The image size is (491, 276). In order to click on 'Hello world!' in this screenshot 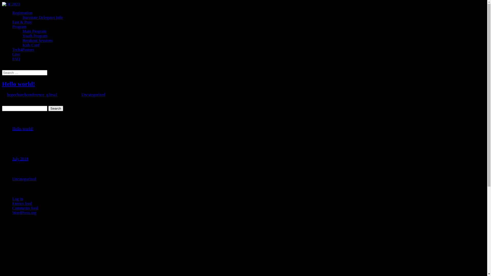, I will do `click(18, 83)`.